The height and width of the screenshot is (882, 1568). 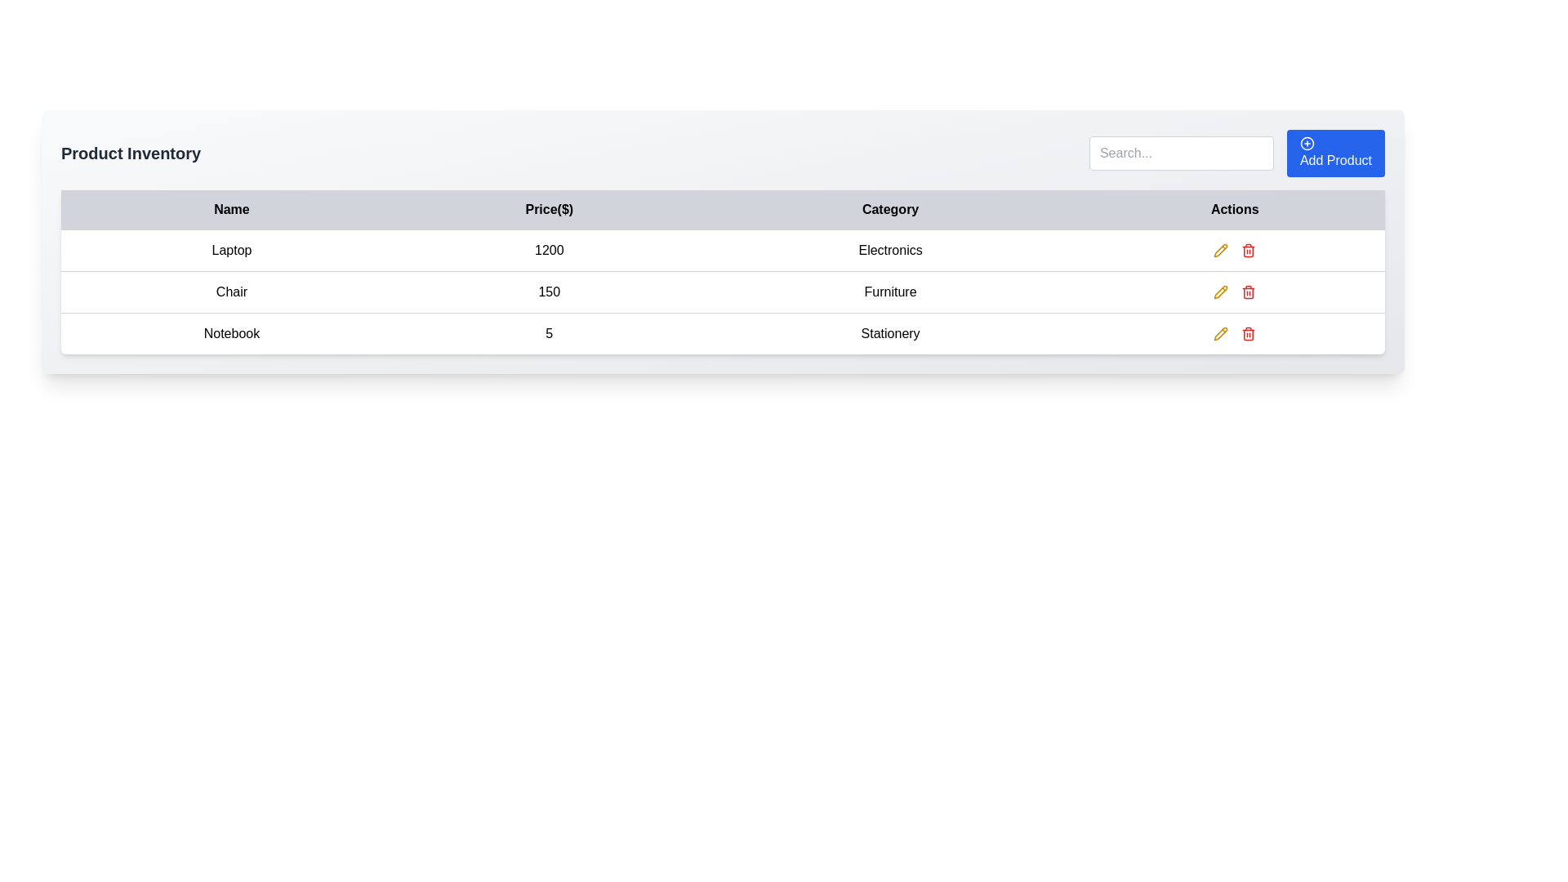 I want to click on text label 'Laptop' located in the 'Name' column of the table, which is the first entry in the column, aligning with the price '1200' and category 'Electronics', so click(x=230, y=251).